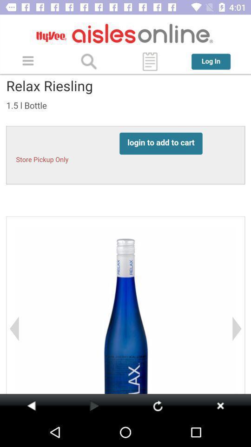  Describe the element at coordinates (220, 405) in the screenshot. I see `close` at that location.